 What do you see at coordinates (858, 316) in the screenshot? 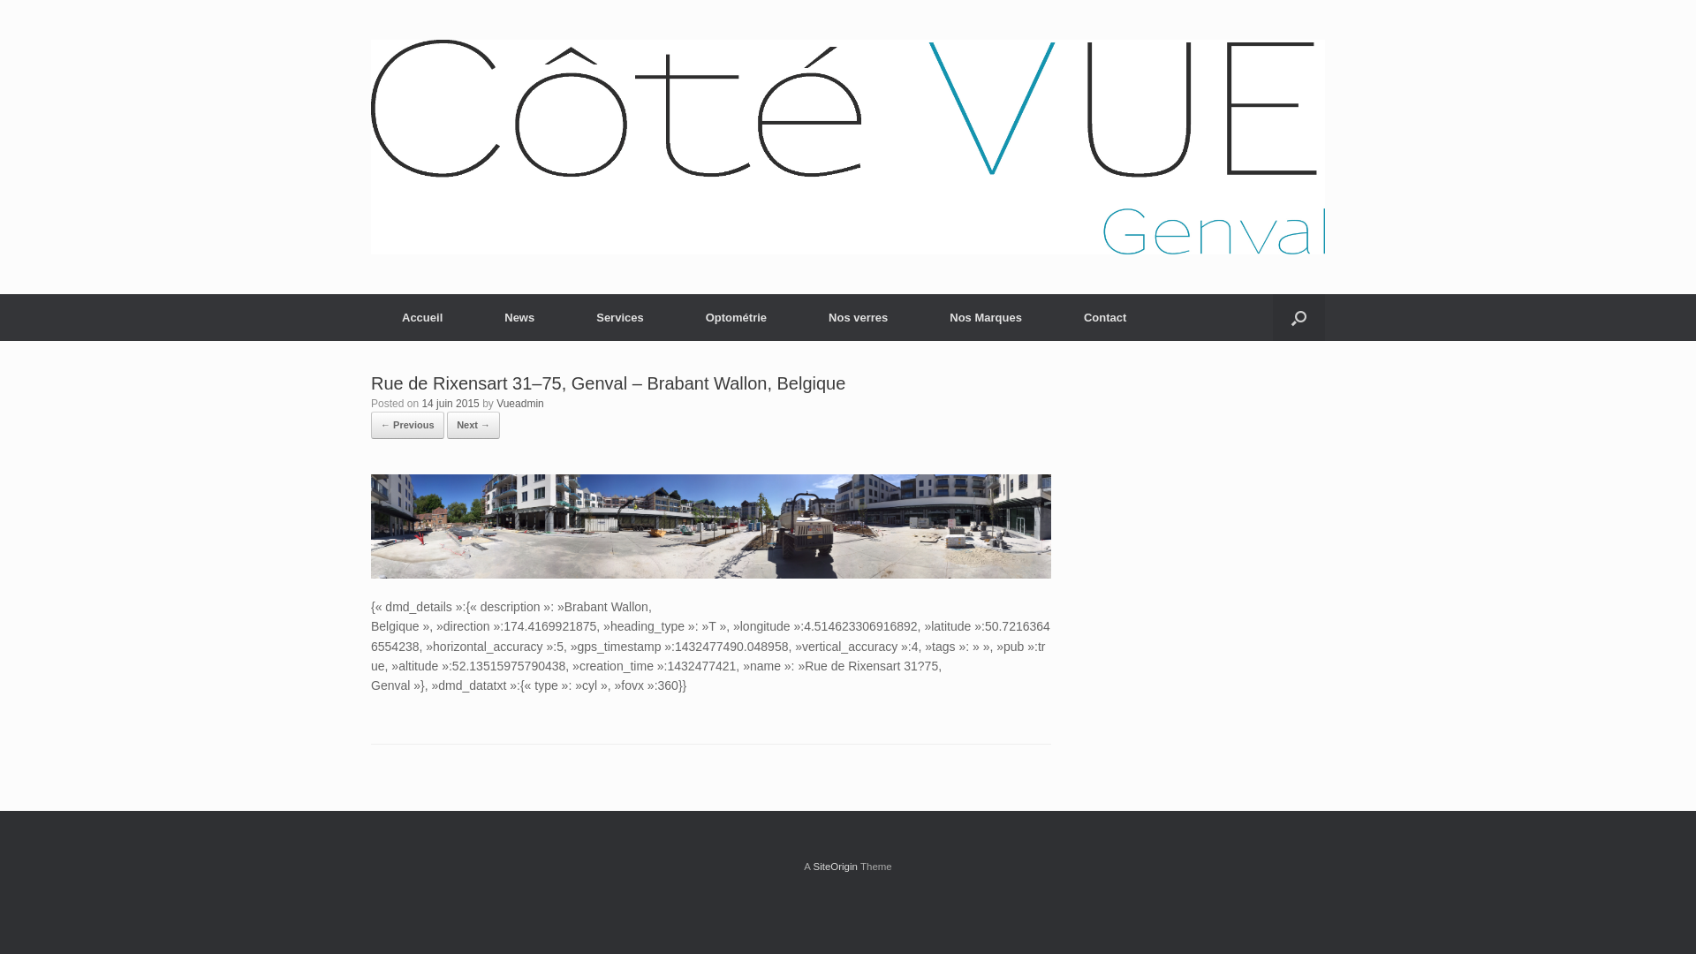
I see `'Nos verres'` at bounding box center [858, 316].